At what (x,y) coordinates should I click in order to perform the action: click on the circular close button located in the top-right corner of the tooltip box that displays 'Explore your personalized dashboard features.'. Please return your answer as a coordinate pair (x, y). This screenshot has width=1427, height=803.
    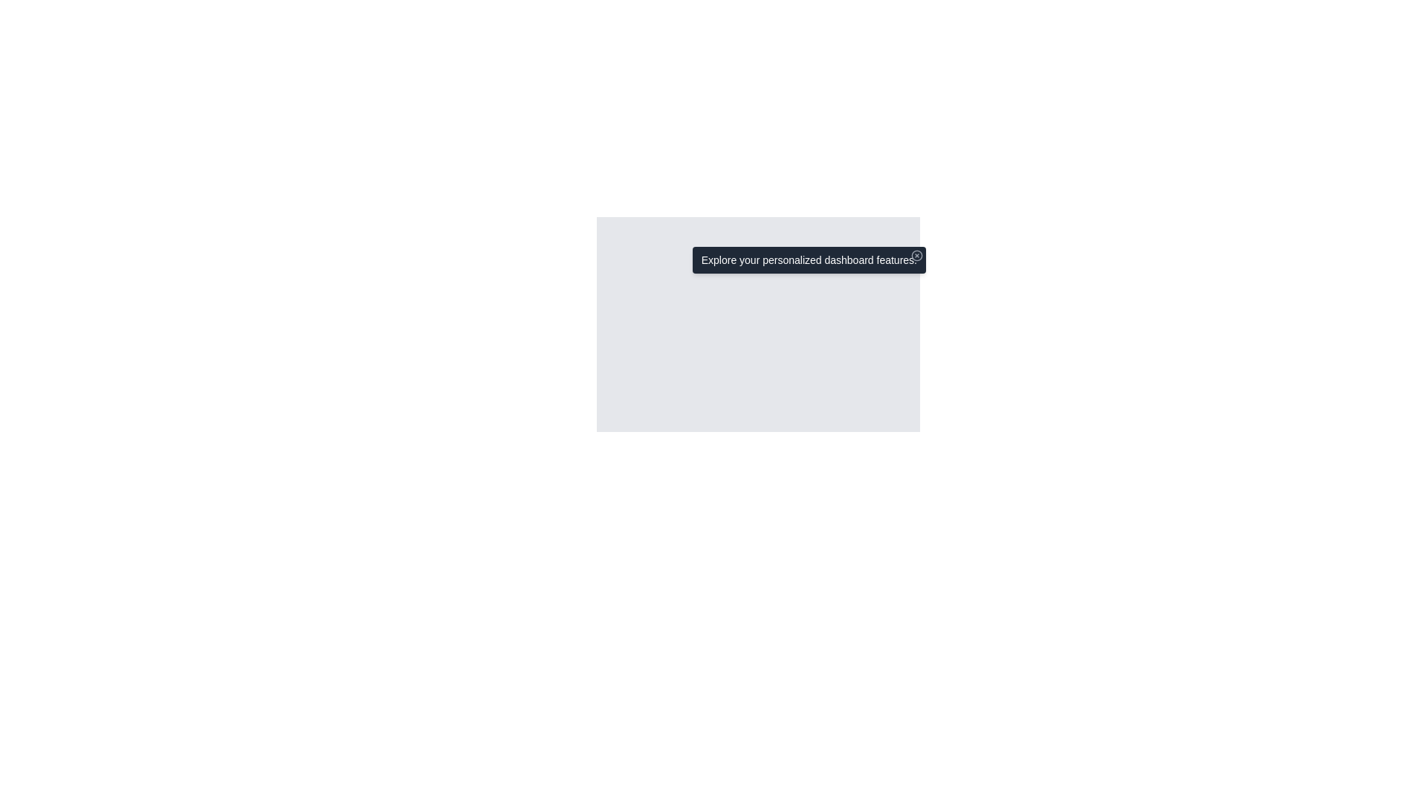
    Looking at the image, I should click on (916, 254).